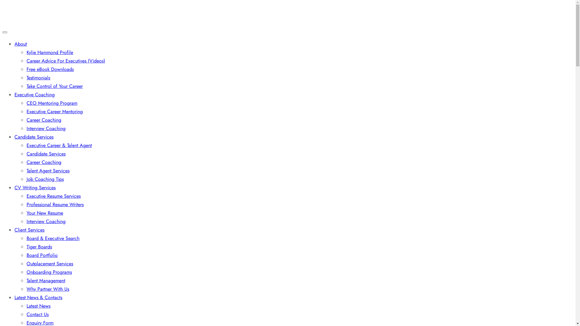 This screenshot has width=580, height=326. Describe the element at coordinates (55, 86) in the screenshot. I see `'Take Control of Your Career'` at that location.